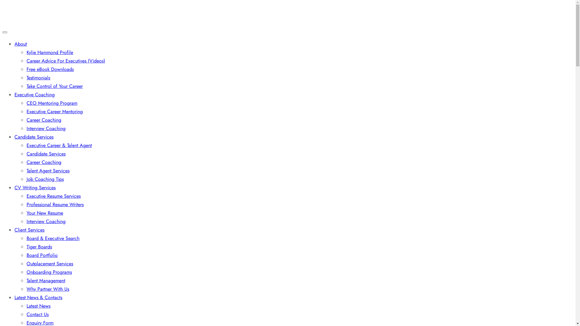 This screenshot has width=580, height=326. Describe the element at coordinates (55, 86) in the screenshot. I see `'Take Control of Your Career'` at that location.